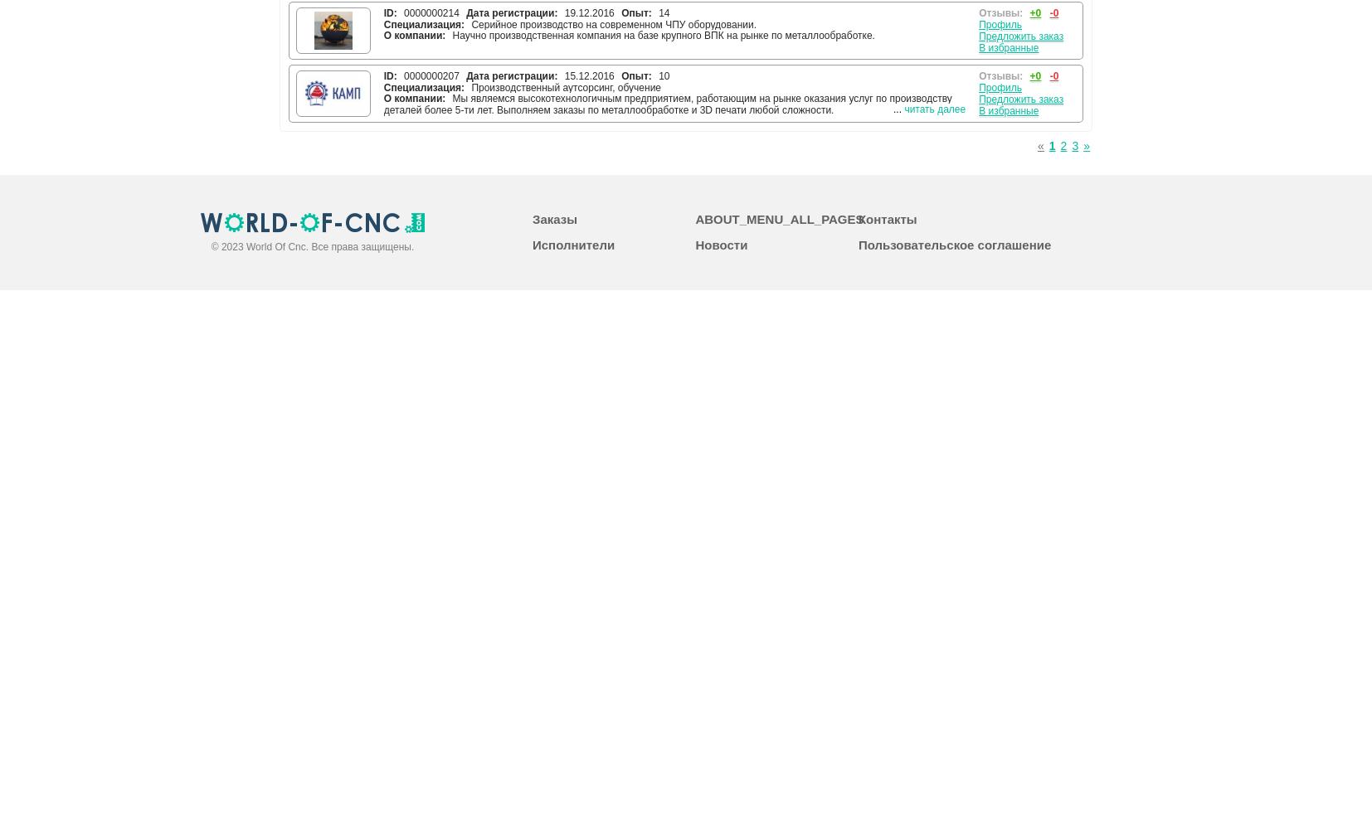  Describe the element at coordinates (654, 221) in the screenshot. I see `'- механическая обработка деталей различной сложности по чертежам заказчика (изготовление как из давальческого материала и заготовок, так и из собственного материала) на современном высокоточном оборудовании с ЧПУ;'` at that location.